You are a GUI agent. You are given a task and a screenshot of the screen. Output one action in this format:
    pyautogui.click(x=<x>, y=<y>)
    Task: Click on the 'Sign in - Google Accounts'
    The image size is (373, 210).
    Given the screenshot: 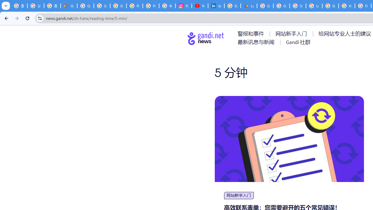 What is the action you would take?
    pyautogui.click(x=298, y=6)
    